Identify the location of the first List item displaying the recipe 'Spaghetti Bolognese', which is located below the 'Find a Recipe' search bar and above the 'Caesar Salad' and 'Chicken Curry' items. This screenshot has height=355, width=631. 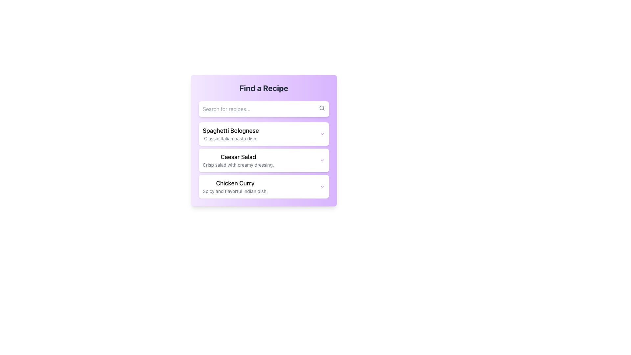
(231, 134).